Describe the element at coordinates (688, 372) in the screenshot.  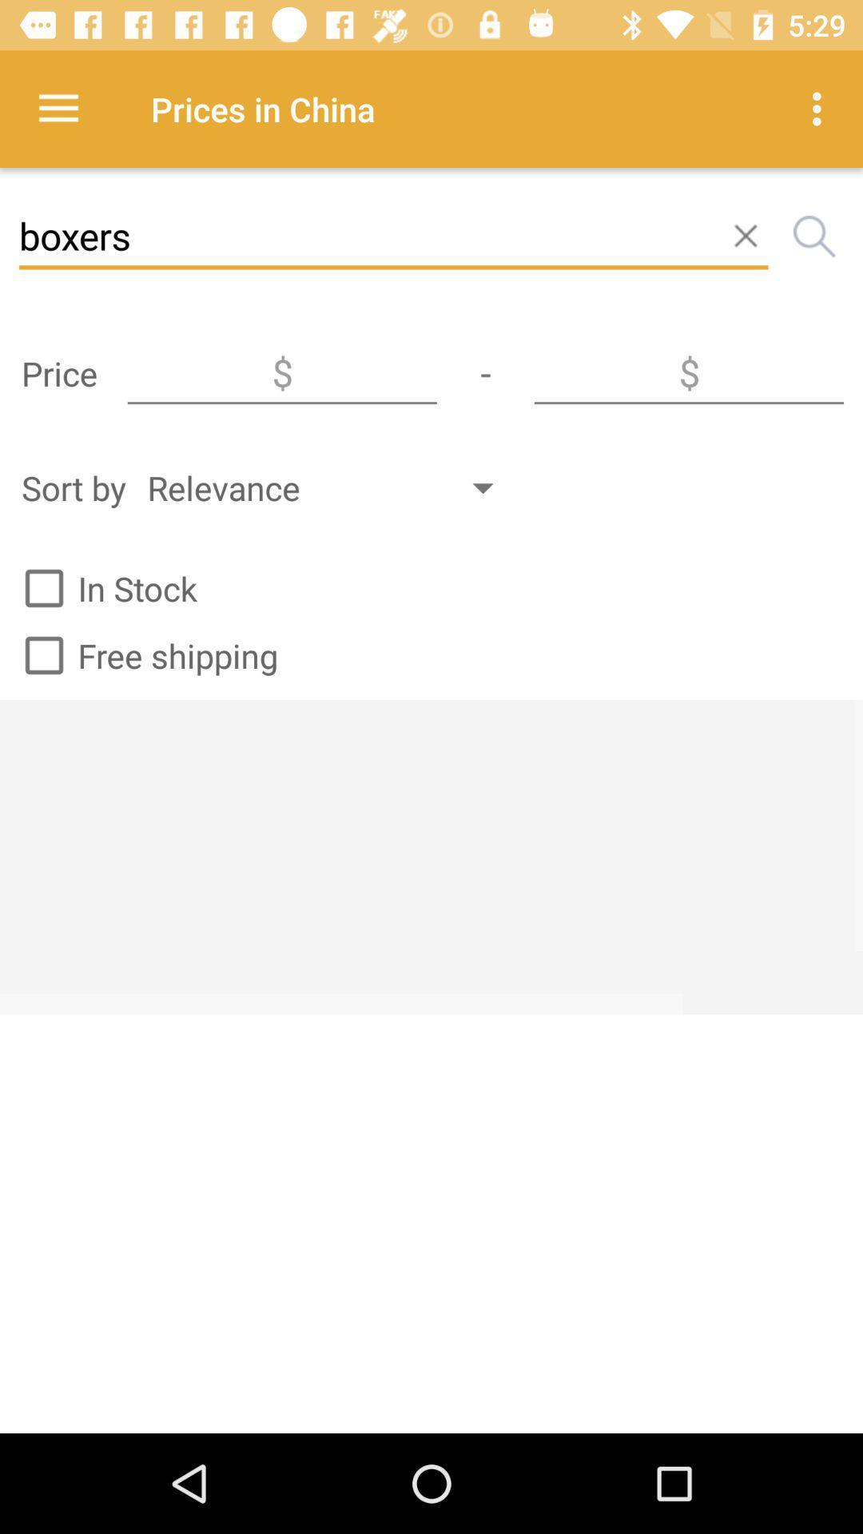
I see `insert a value` at that location.